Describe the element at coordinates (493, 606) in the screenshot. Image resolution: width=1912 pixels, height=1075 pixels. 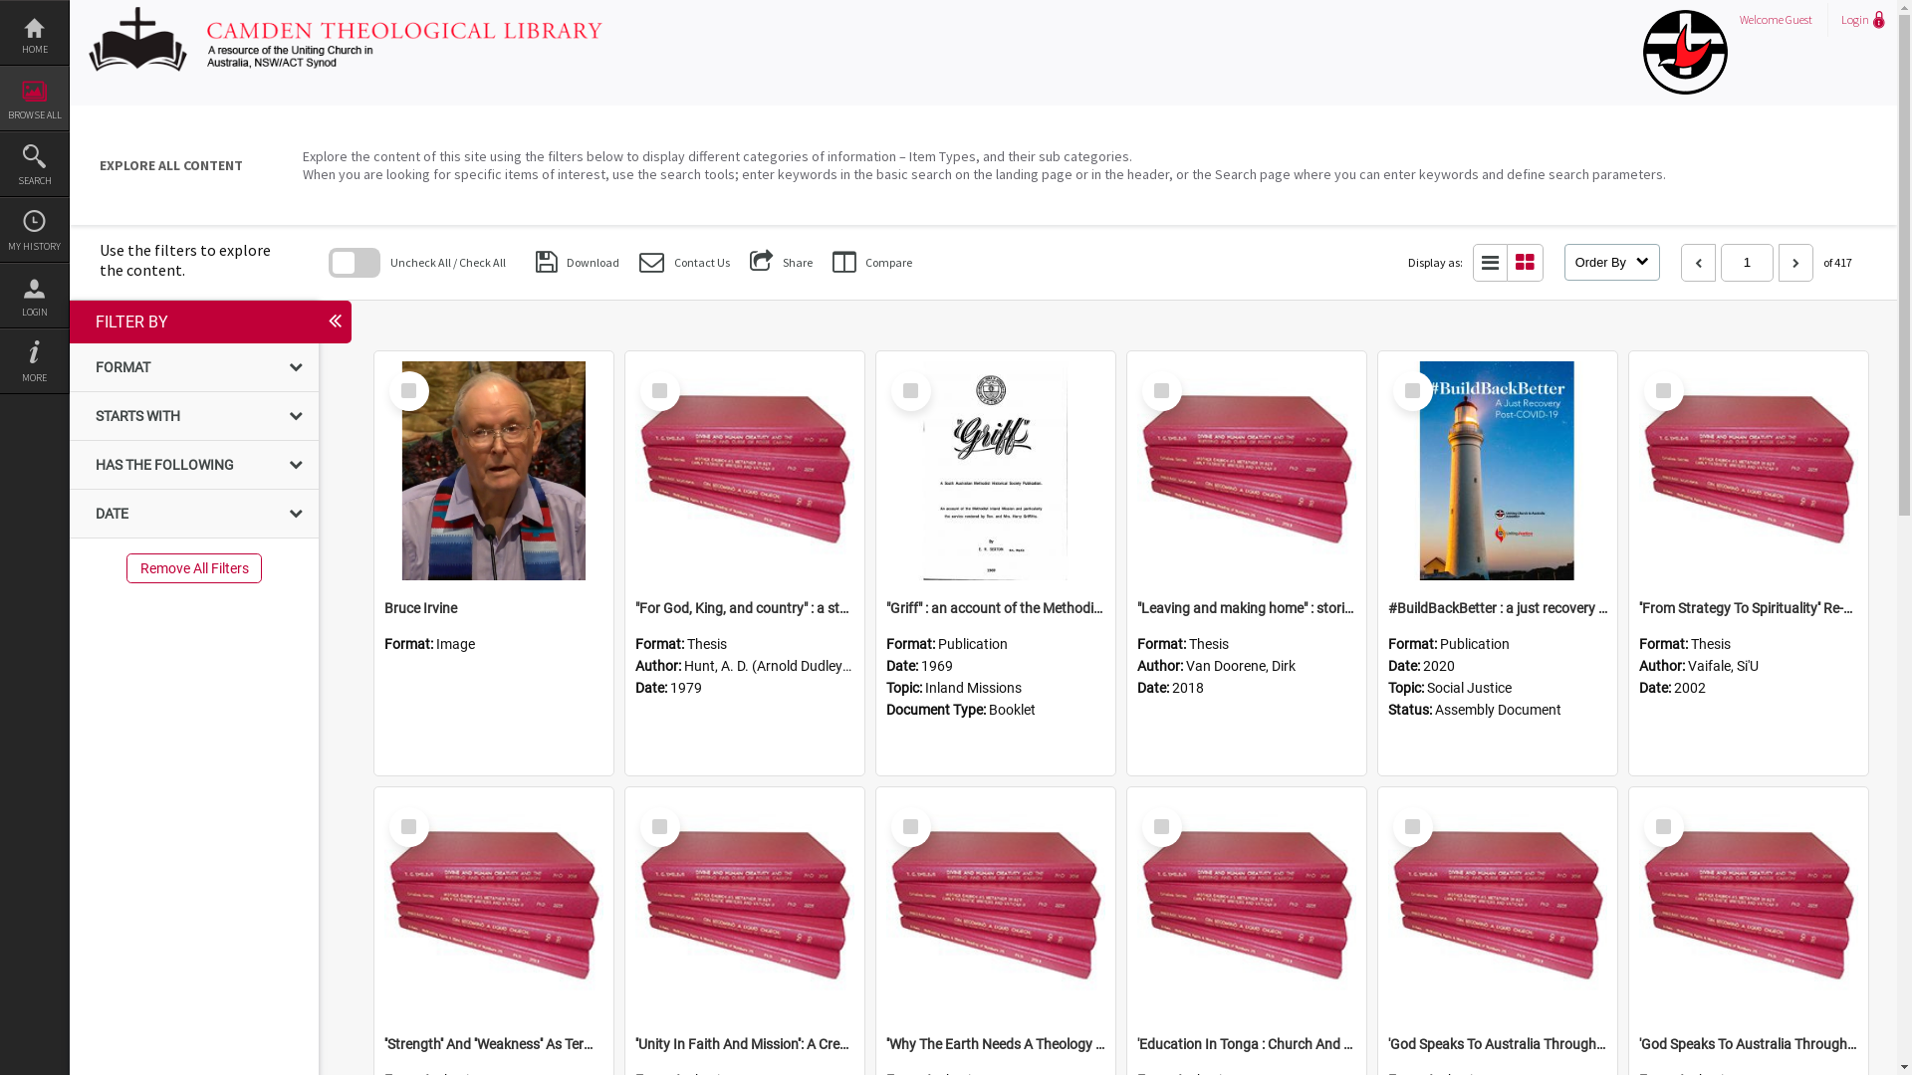
I see `'Bruce Irvine'` at that location.